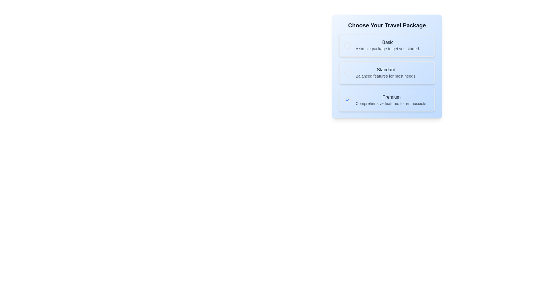 This screenshot has width=548, height=308. Describe the element at coordinates (347, 100) in the screenshot. I see `the blue checkmark icon within the circular selection indicator of the 'Premium' travel package to interact with the selection process` at that location.